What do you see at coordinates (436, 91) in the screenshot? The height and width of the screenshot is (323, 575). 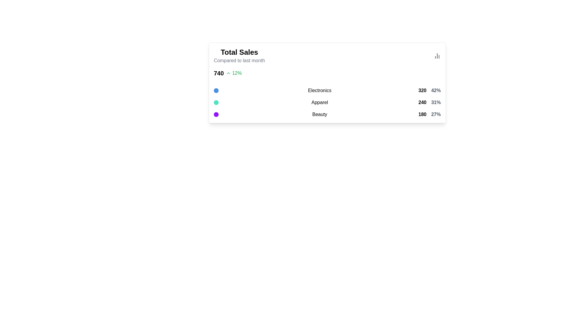 I see `the percentage text displaying the metric related to the '320' sales contribution in the 'Electronics' section for interaction or navigation` at bounding box center [436, 91].